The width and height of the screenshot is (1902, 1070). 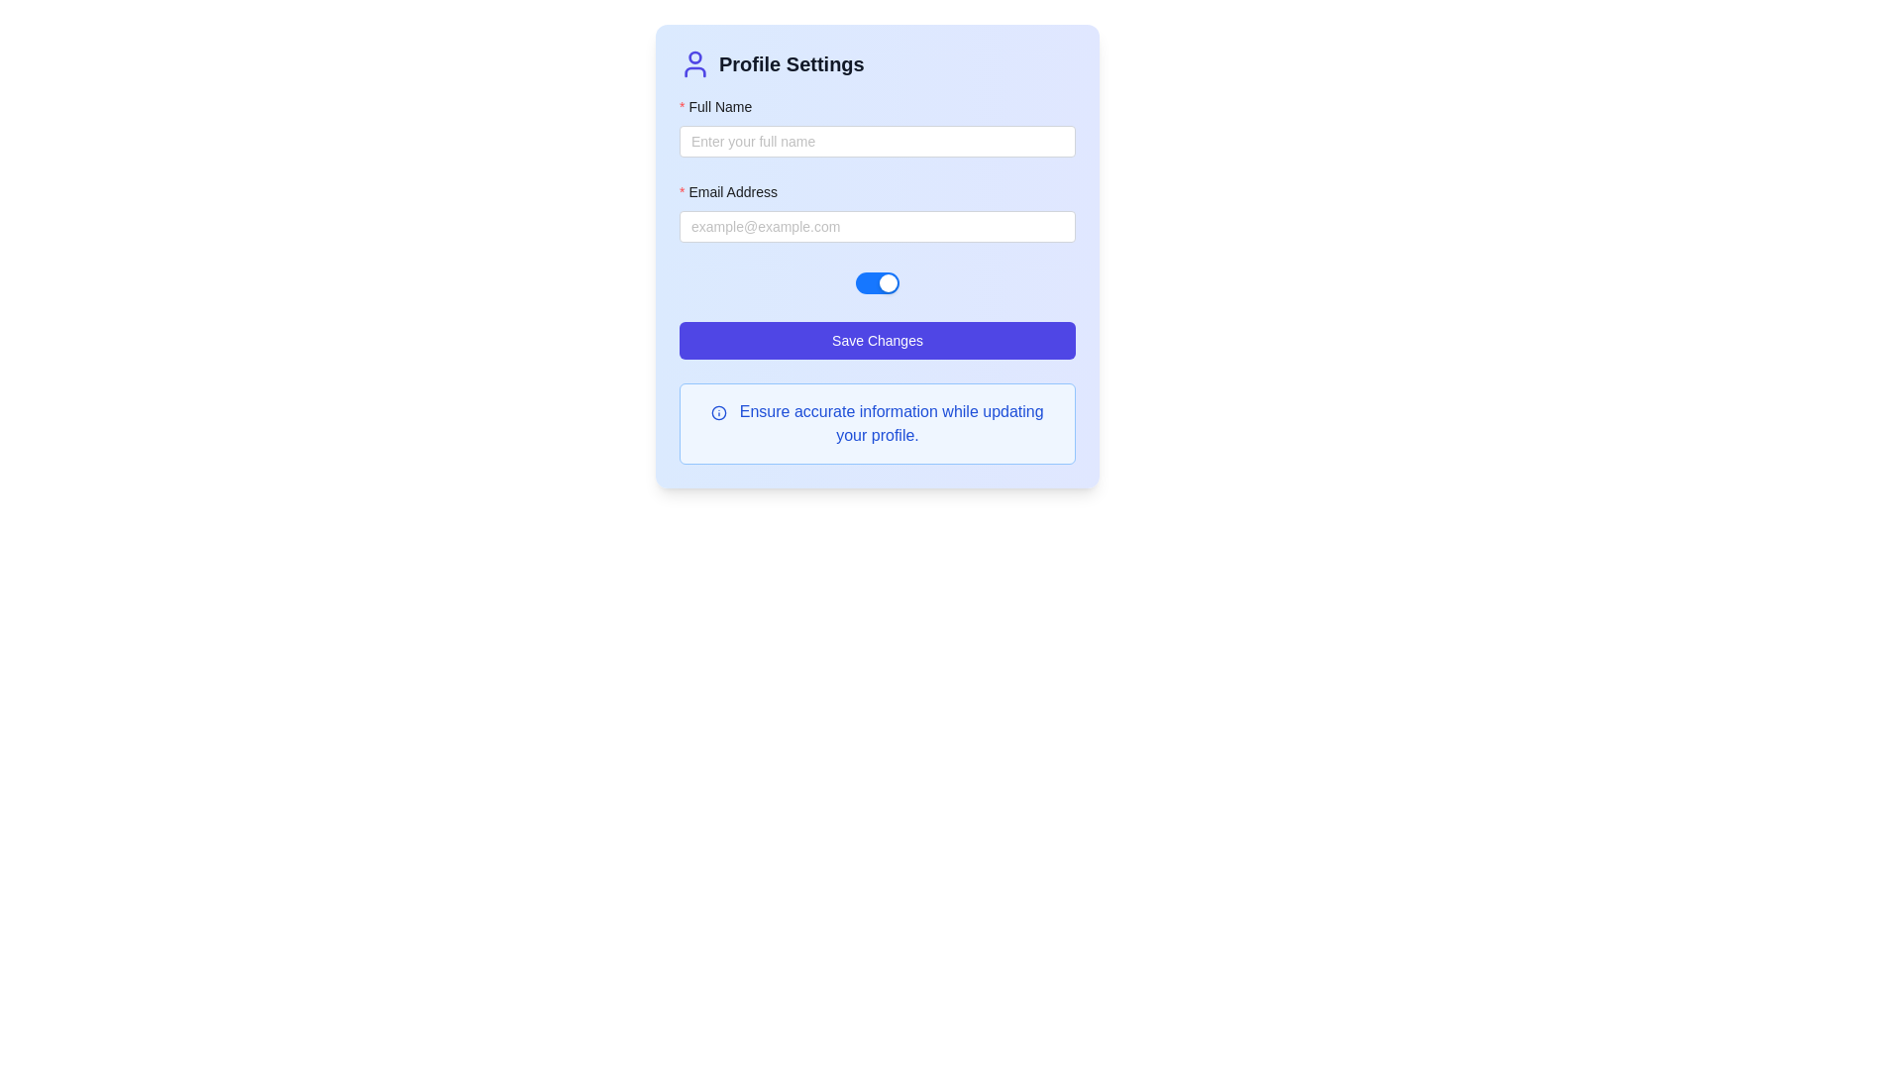 What do you see at coordinates (877, 126) in the screenshot?
I see `the 'Full Name' text input field to focus and start typing` at bounding box center [877, 126].